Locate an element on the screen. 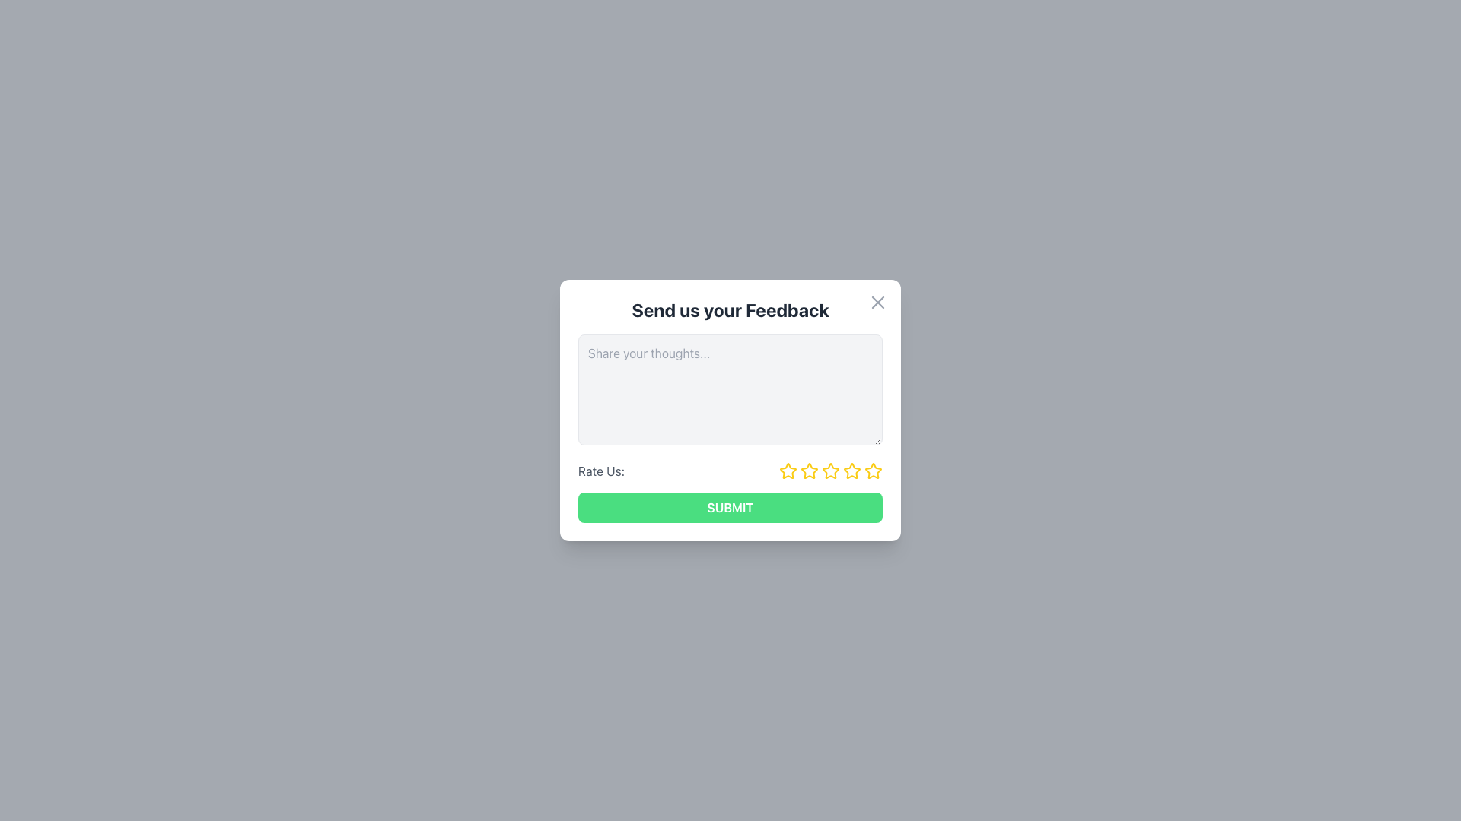 The width and height of the screenshot is (1461, 821). the leftmost star icon is located at coordinates (788, 470).